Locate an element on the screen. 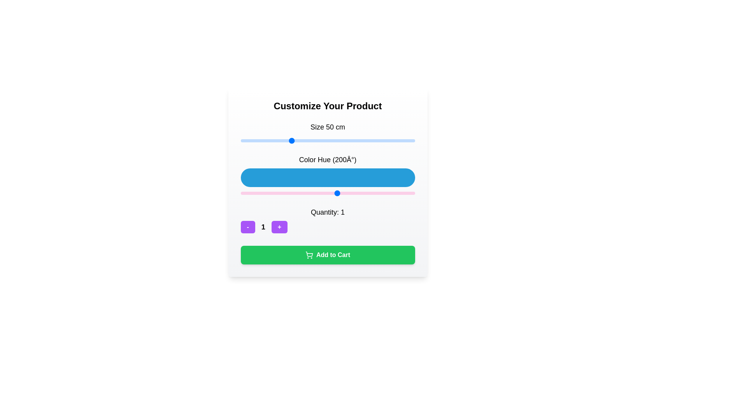 The image size is (747, 420). the color hue slider is located at coordinates (311, 193).